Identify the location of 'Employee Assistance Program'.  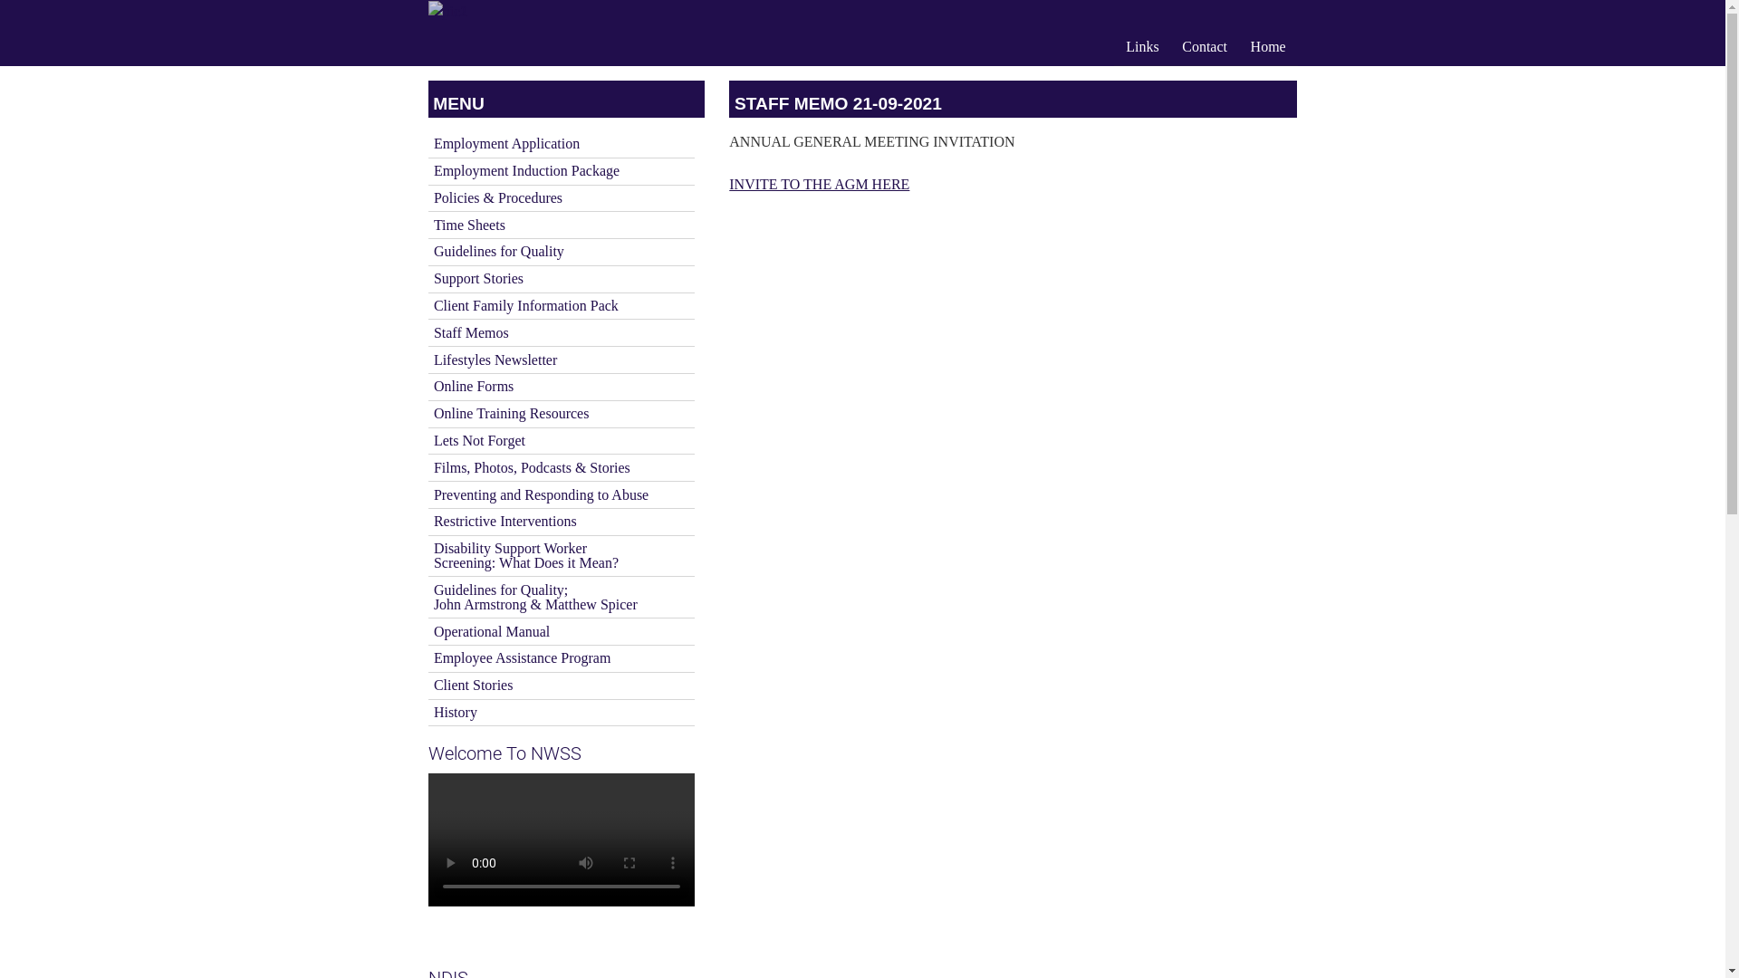
(560, 658).